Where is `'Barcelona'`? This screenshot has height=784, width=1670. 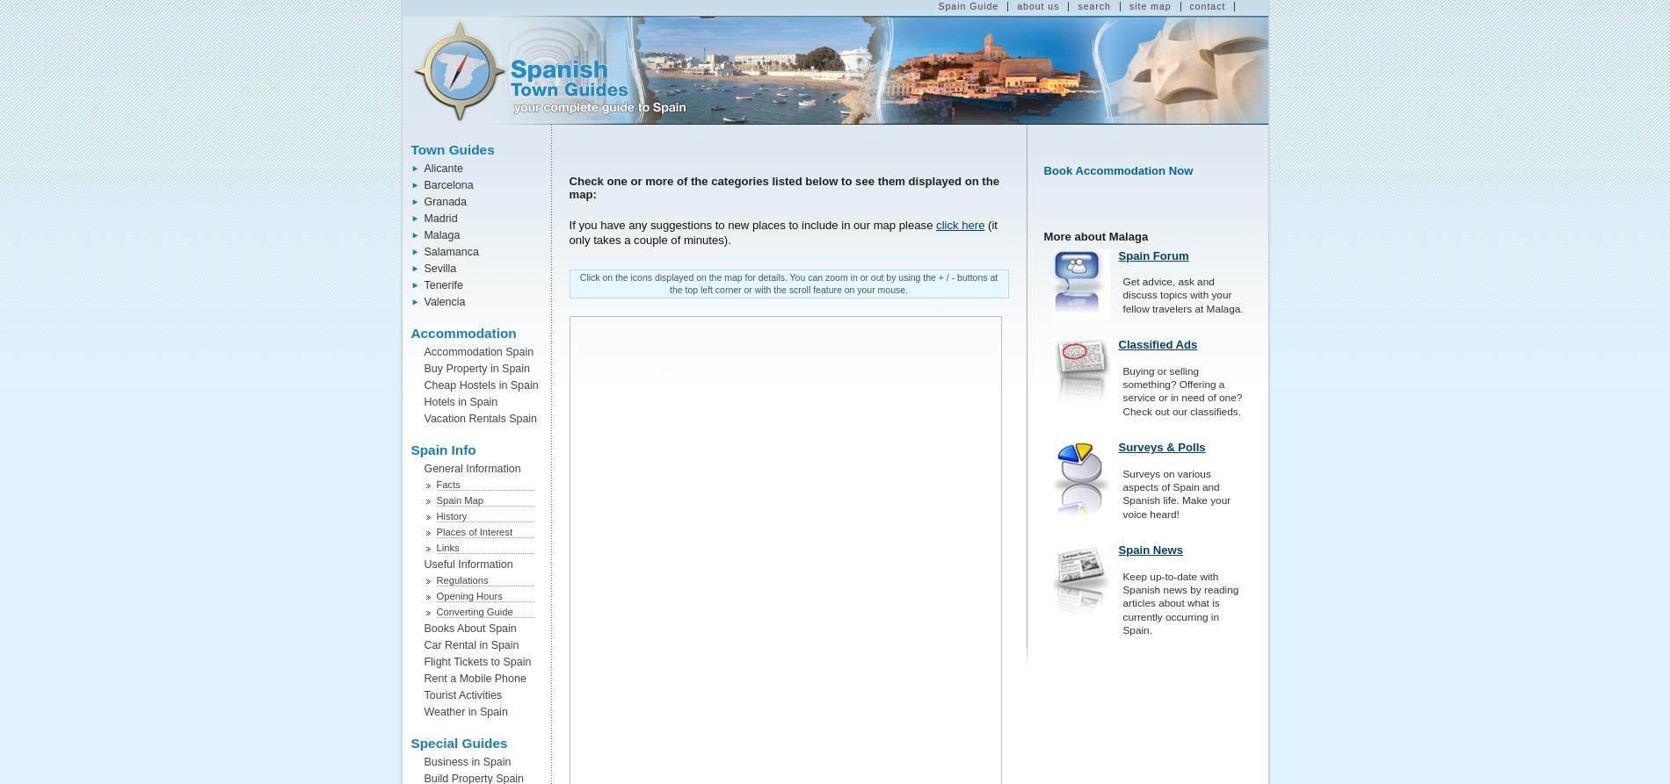
'Barcelona' is located at coordinates (447, 184).